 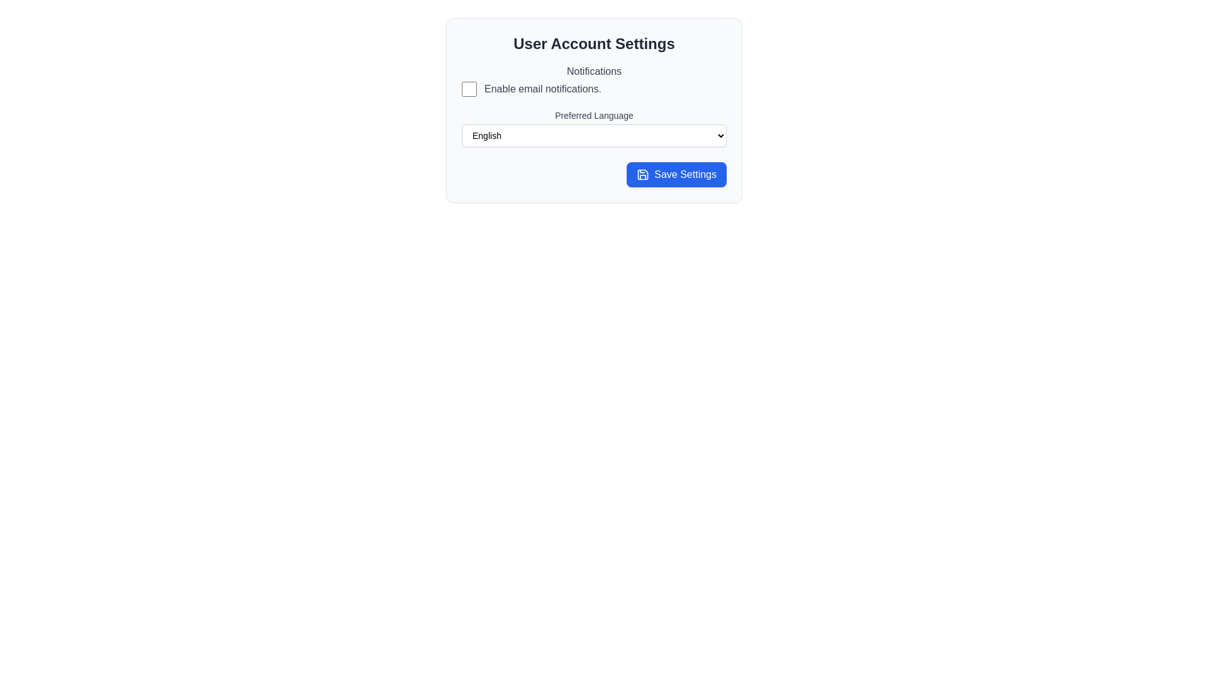 I want to click on the save icon, which resembles a floppy disk, located within the 'Save Settings' button at the lower right of the main settings area, so click(x=643, y=174).